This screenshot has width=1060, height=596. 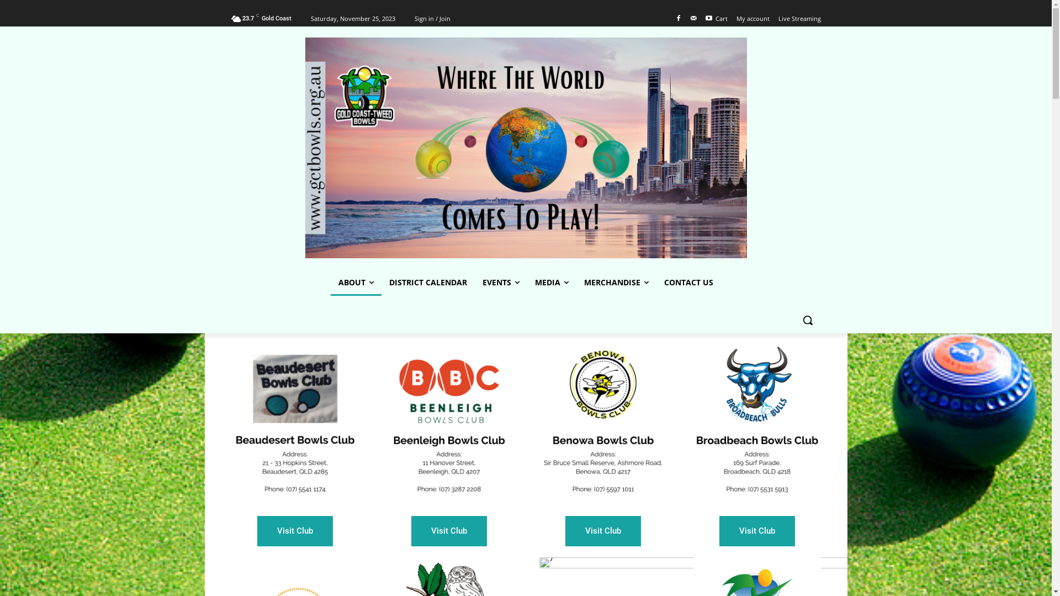 I want to click on 'MEDIA', so click(x=552, y=282).